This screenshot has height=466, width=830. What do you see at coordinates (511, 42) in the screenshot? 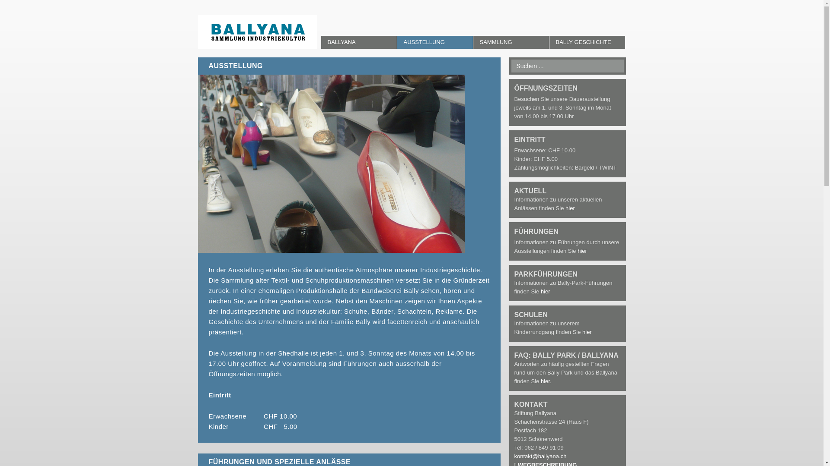
I see `'SAMMLUNG'` at bounding box center [511, 42].